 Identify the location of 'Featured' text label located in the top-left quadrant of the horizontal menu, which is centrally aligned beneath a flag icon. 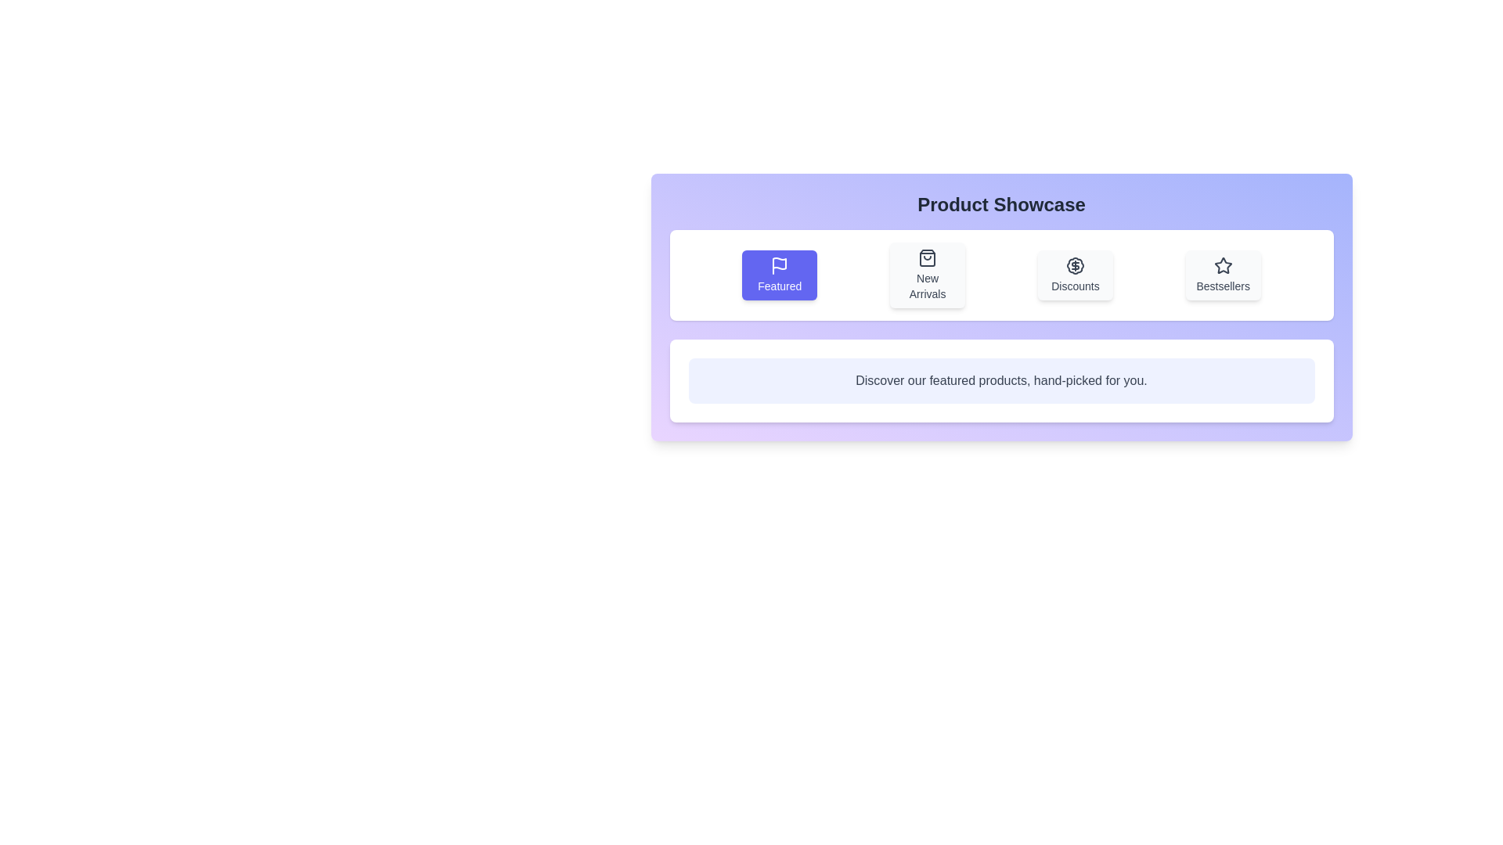
(780, 286).